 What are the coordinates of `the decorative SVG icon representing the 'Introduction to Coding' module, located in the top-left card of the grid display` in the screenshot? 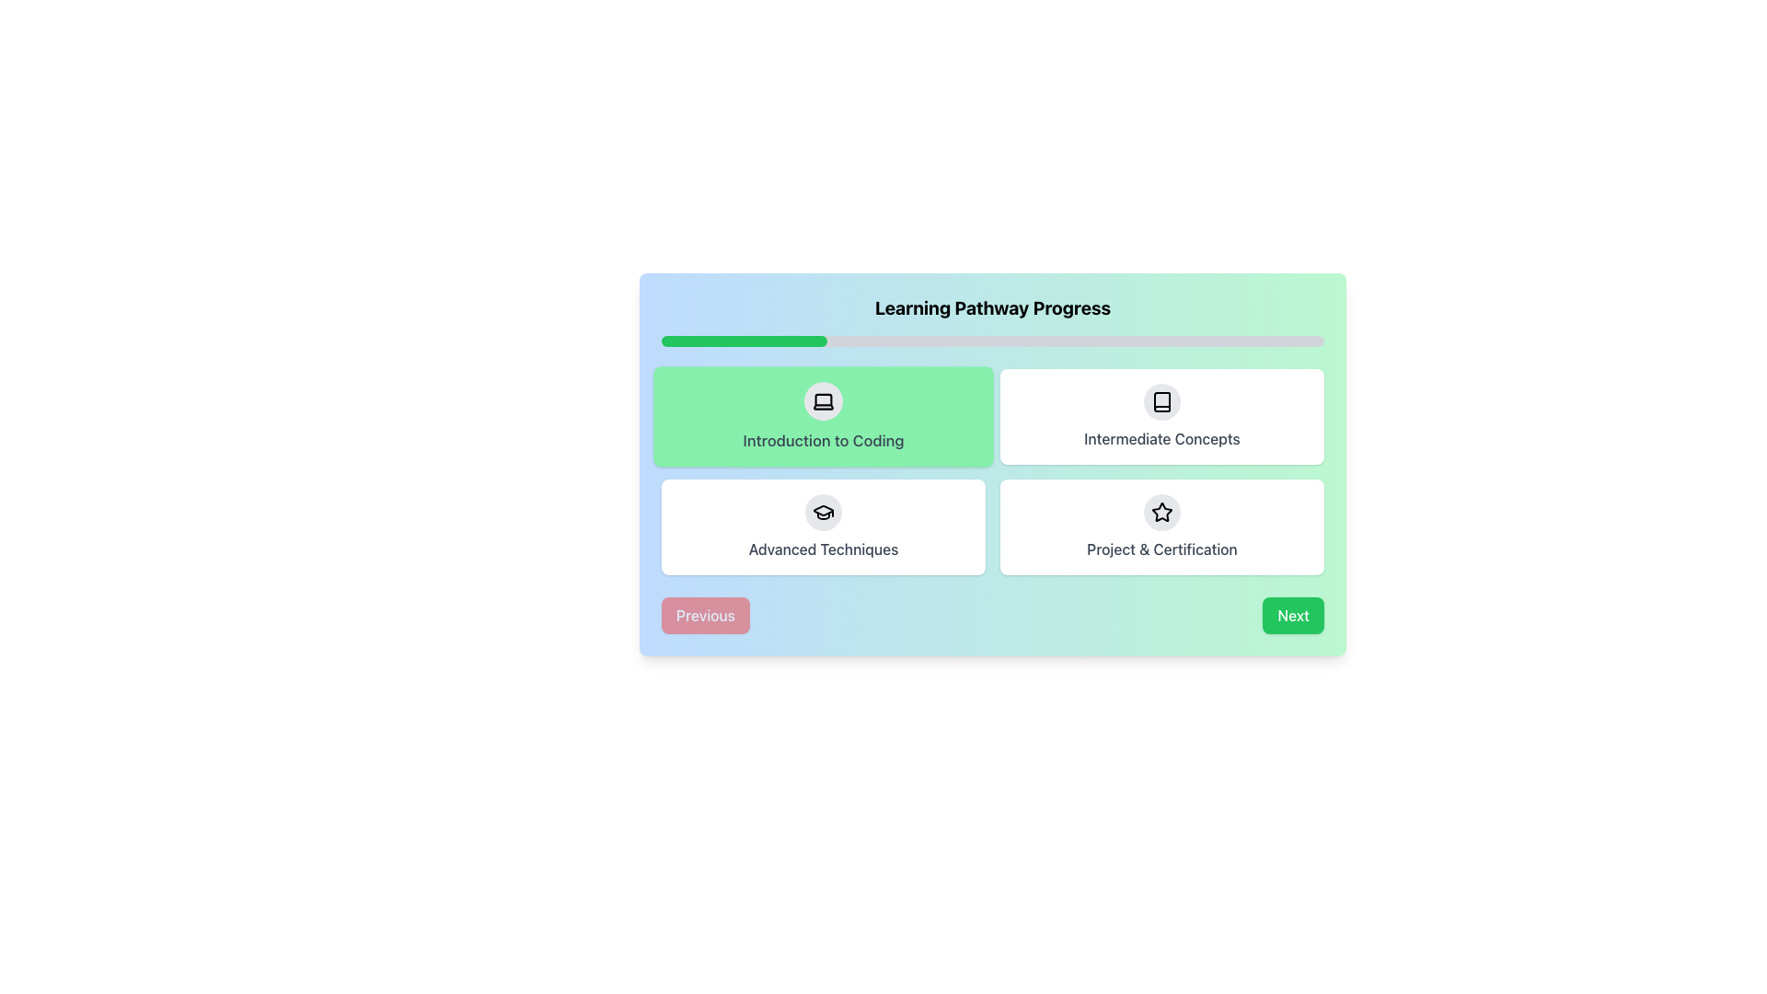 It's located at (822, 399).